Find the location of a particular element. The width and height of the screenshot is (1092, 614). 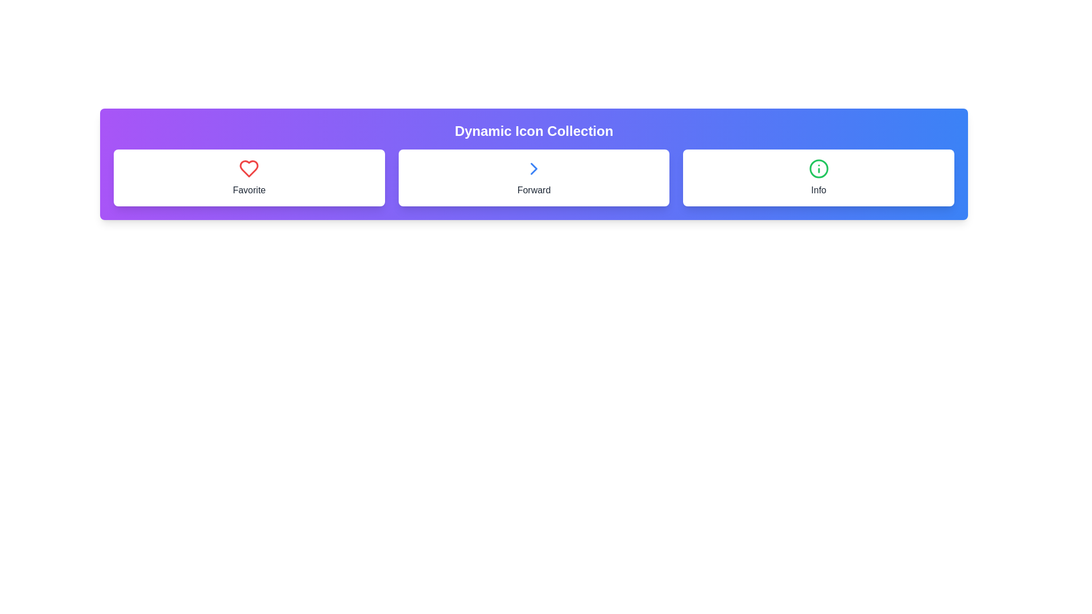

the 'Info' card element located in the 'Dynamic Icon Collection' section is located at coordinates (818, 177).